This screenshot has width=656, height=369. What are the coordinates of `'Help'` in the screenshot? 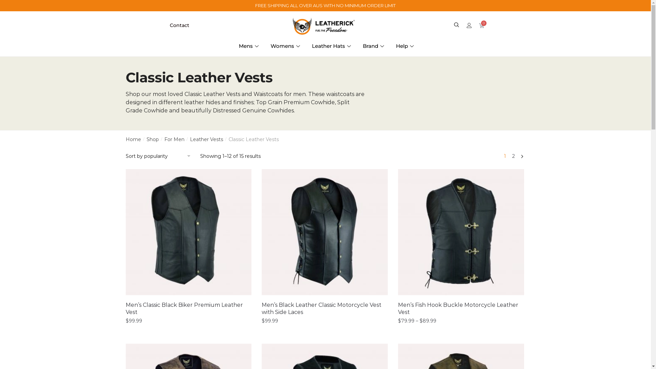 It's located at (406, 46).